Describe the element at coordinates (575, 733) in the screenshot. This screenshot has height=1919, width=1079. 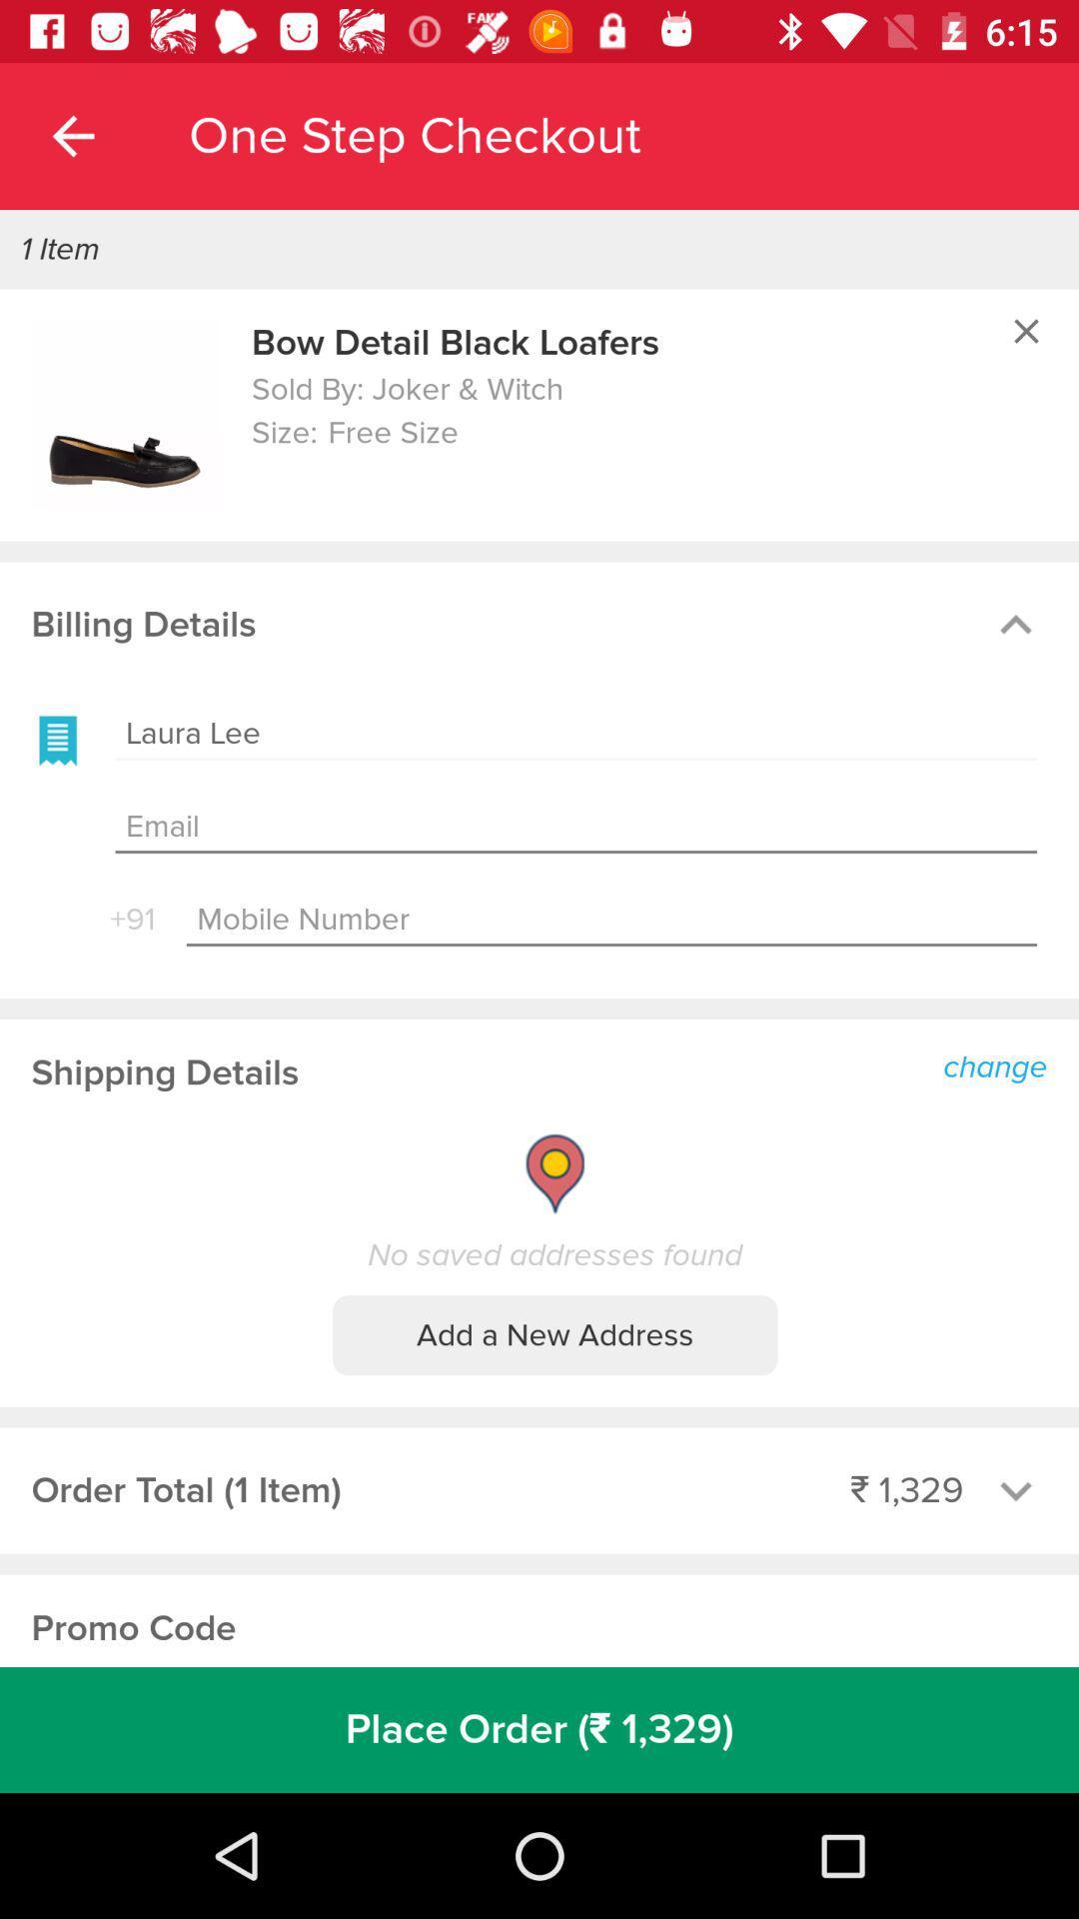
I see `the laura lee item` at that location.